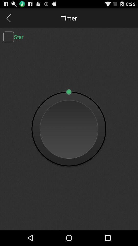 This screenshot has width=138, height=246. I want to click on go back, so click(8, 18).